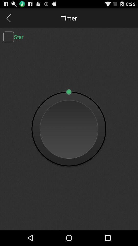 This screenshot has width=138, height=246. I want to click on go back, so click(8, 18).